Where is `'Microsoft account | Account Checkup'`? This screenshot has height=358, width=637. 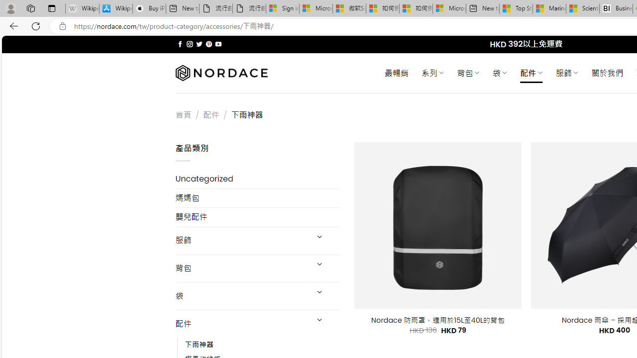
'Microsoft account | Account Checkup' is located at coordinates (449, 8).